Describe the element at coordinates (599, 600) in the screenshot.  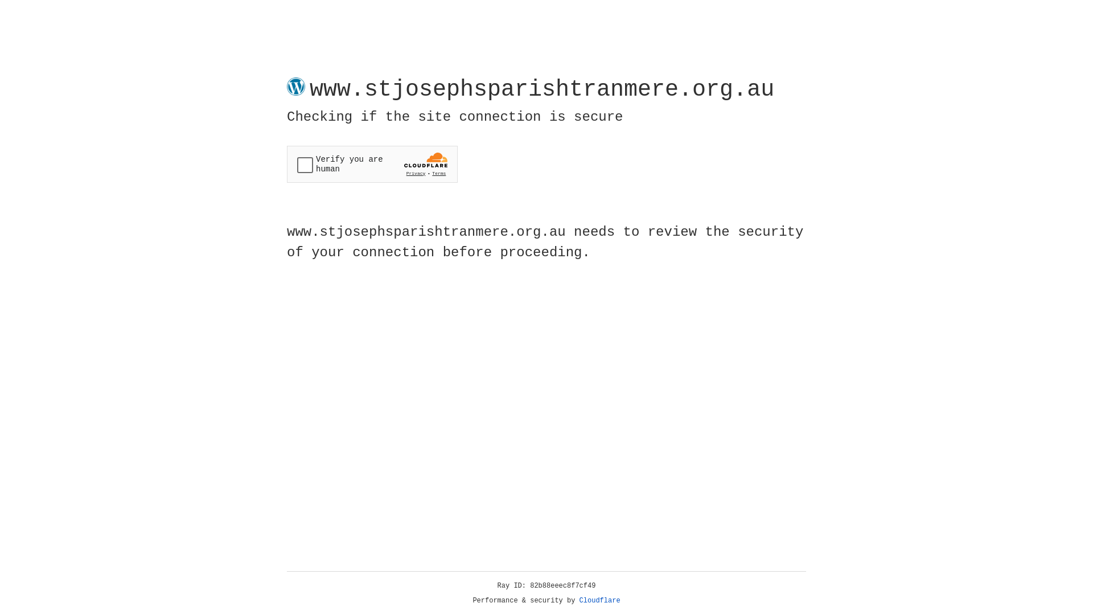
I see `'Cloudflare'` at that location.